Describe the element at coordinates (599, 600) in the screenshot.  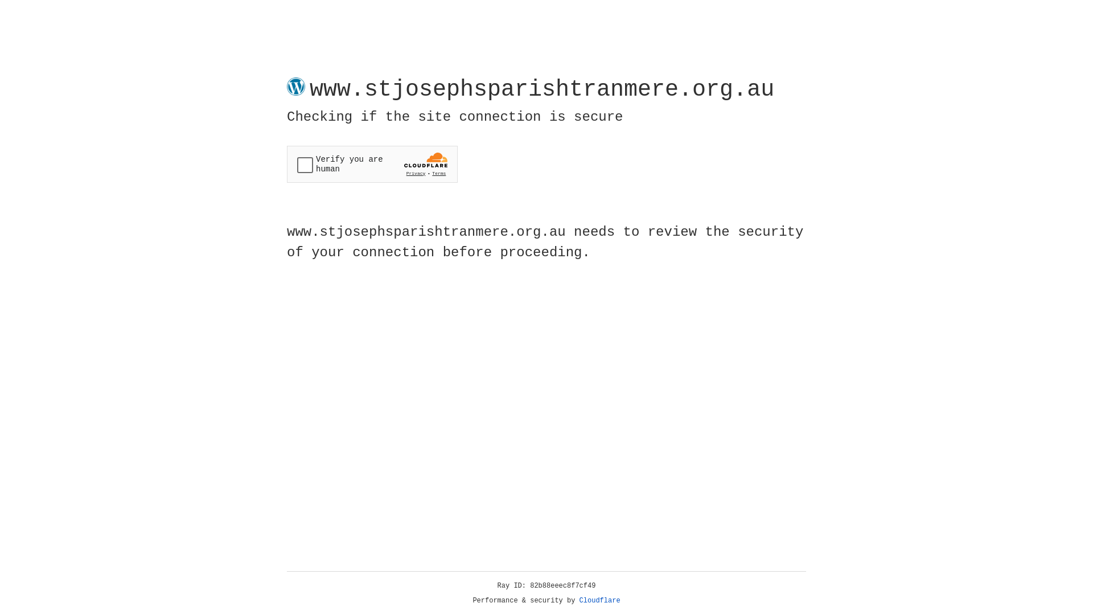
I see `'Cloudflare'` at that location.